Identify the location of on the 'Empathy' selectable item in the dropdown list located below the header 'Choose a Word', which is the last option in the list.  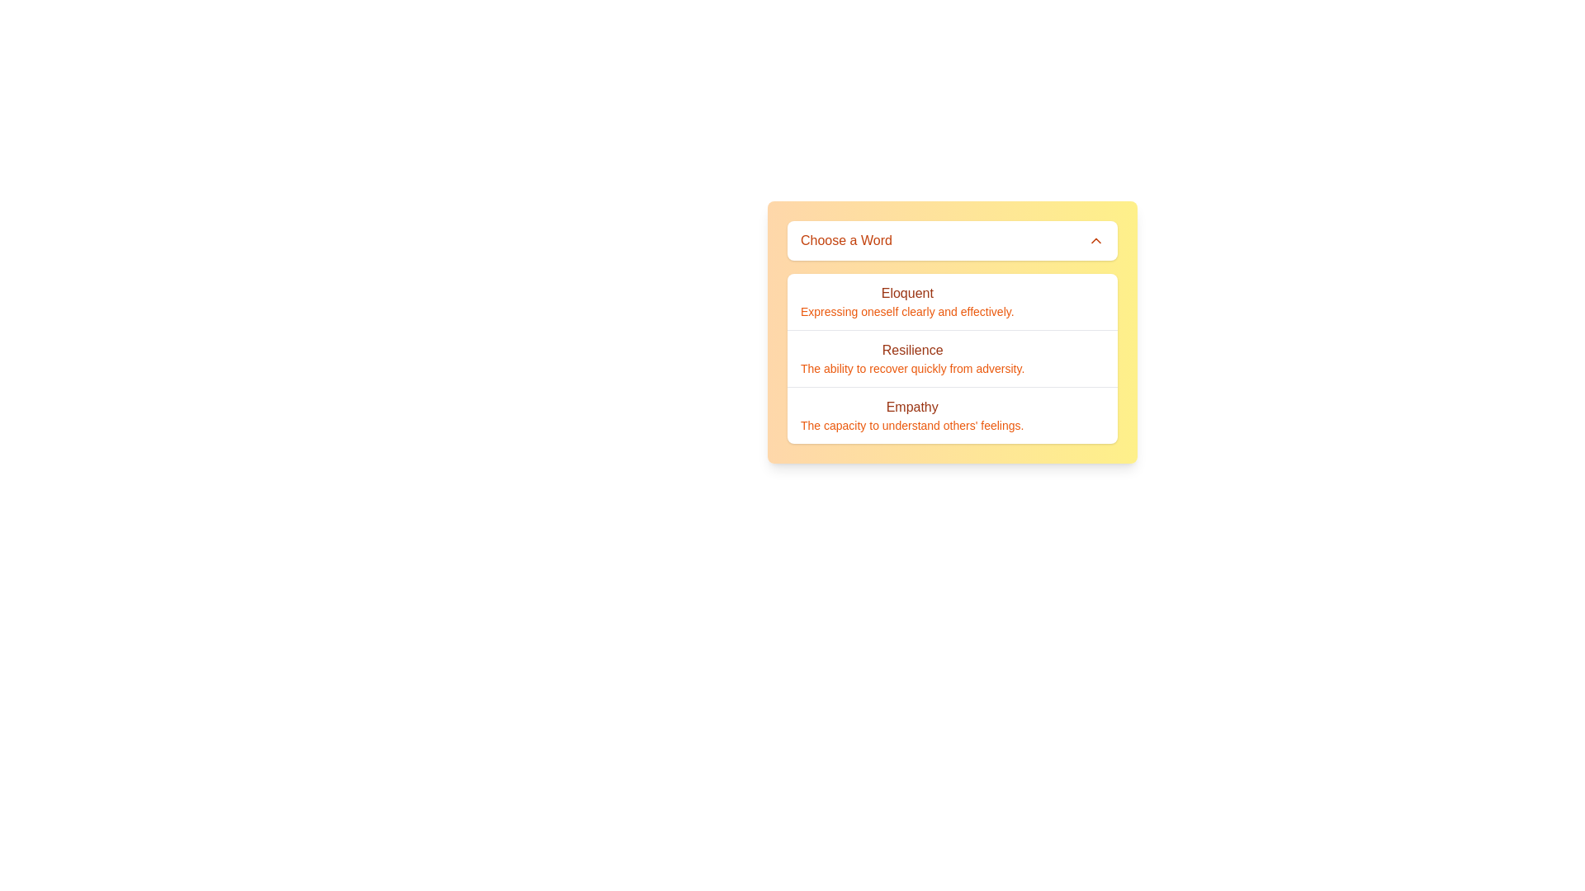
(911, 415).